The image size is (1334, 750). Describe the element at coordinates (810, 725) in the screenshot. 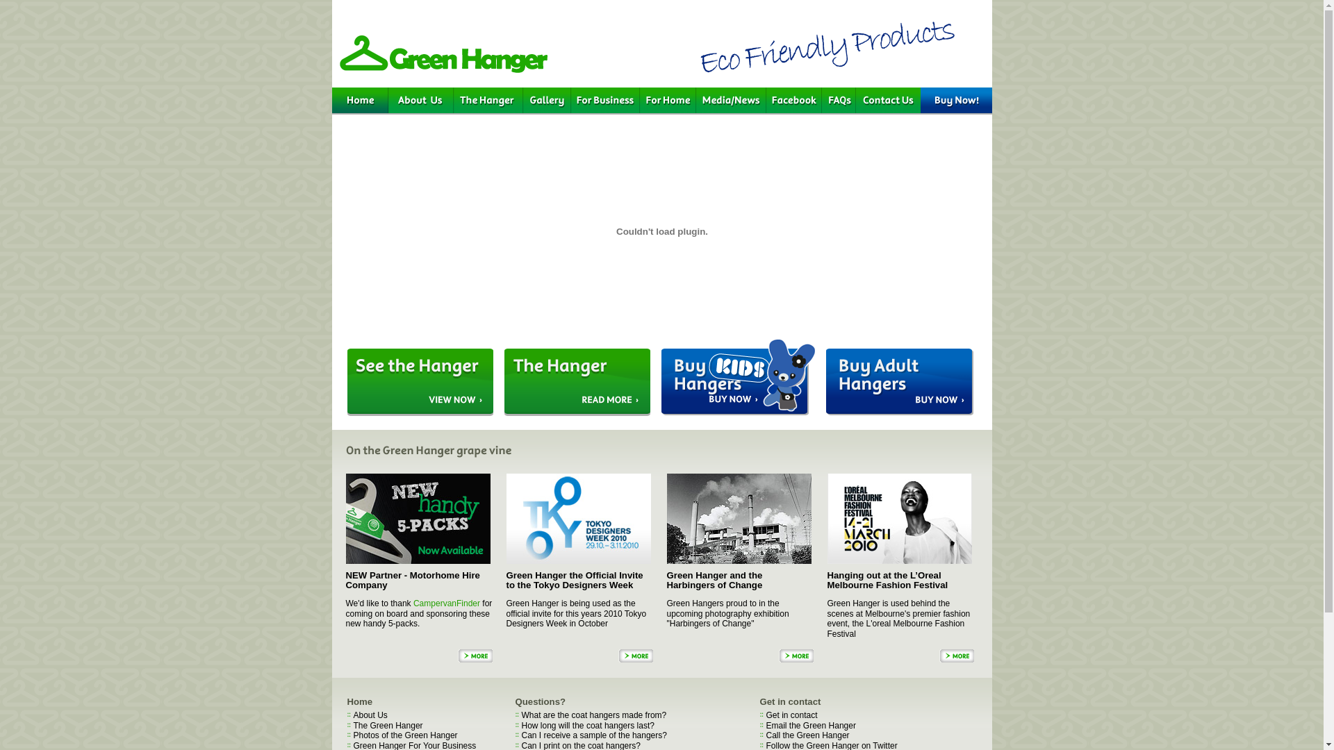

I see `'Email the Green Hanger'` at that location.